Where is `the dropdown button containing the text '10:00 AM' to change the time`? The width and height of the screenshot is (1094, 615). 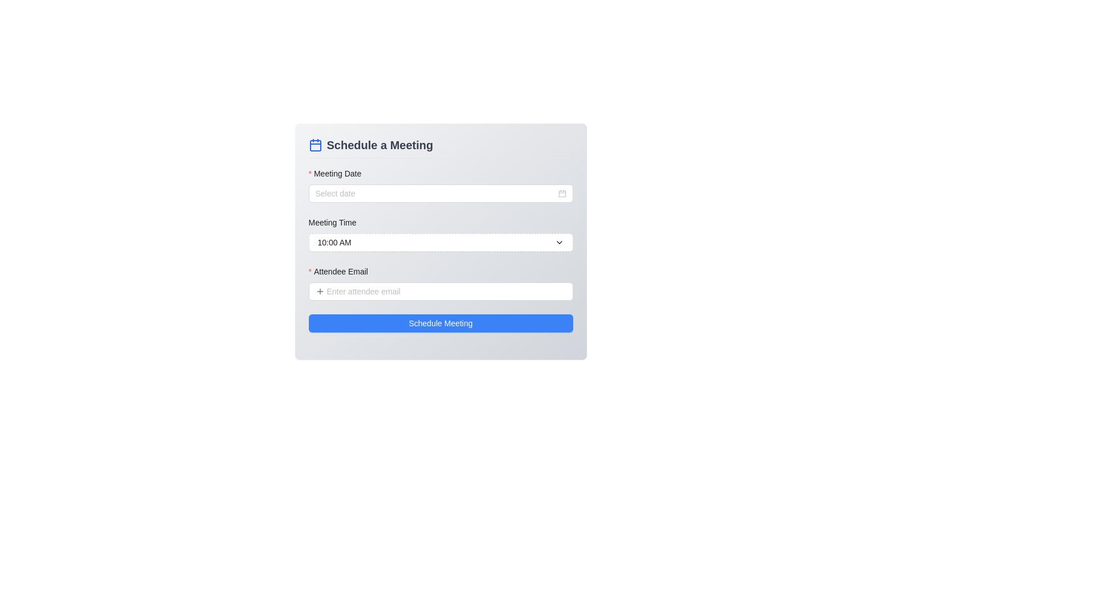
the dropdown button containing the text '10:00 AM' to change the time is located at coordinates (334, 241).